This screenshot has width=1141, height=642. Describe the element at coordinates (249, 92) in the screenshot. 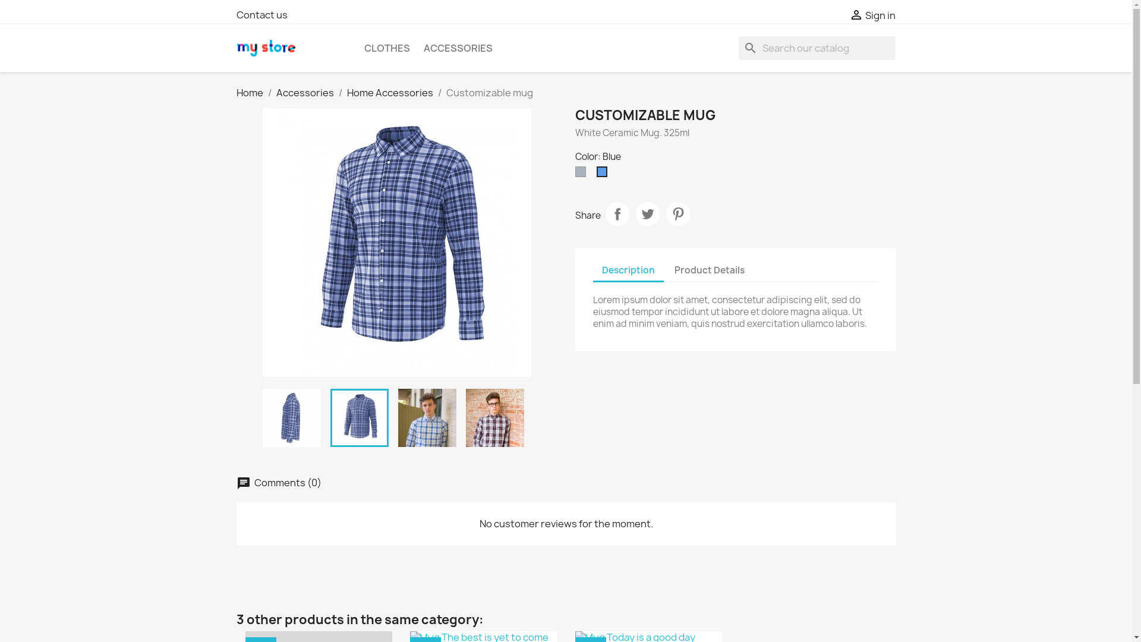

I see `'Home'` at that location.